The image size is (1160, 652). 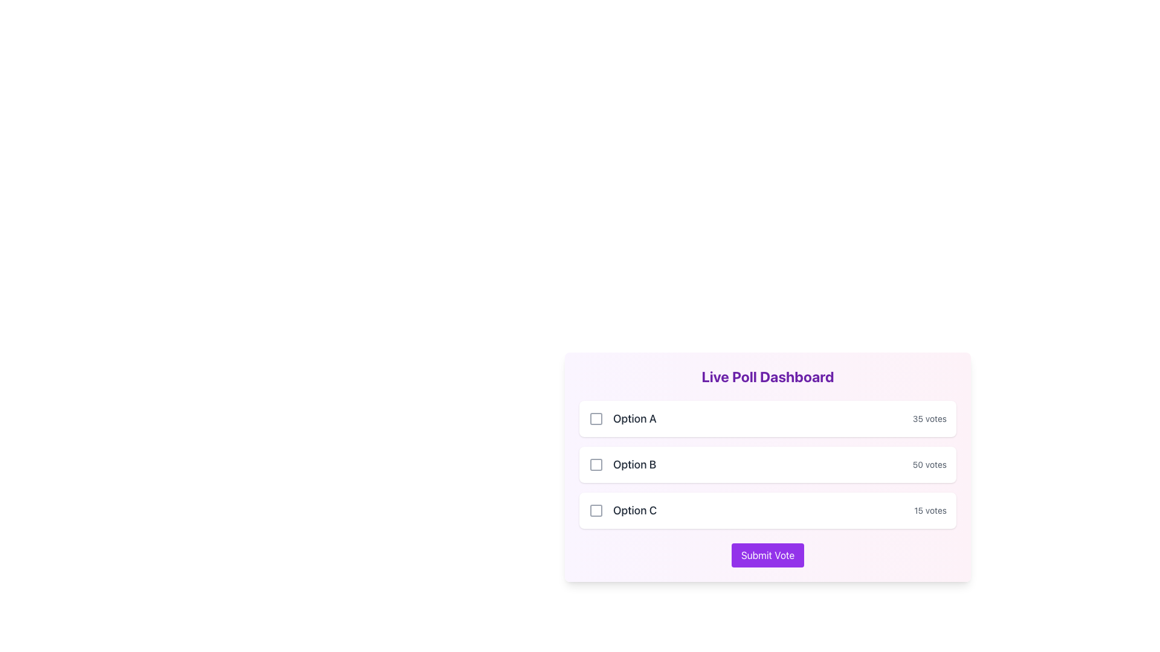 What do you see at coordinates (622, 464) in the screenshot?
I see `the 'Option B' text label in the poll interface` at bounding box center [622, 464].